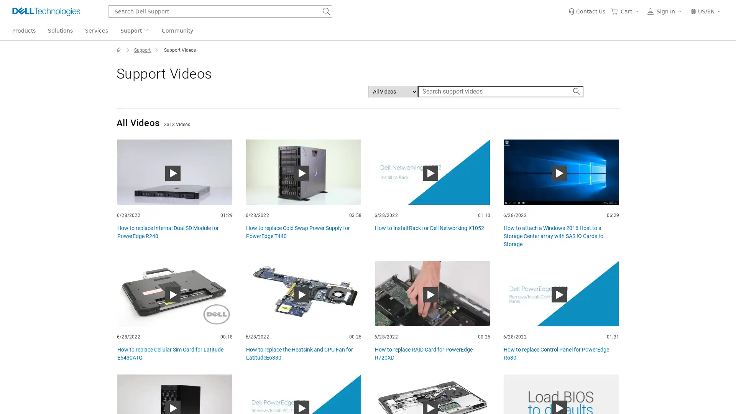 The image size is (736, 414). Describe the element at coordinates (174, 353) in the screenshot. I see `How to replace Cellular Sim Card for Latitude E6430ATG` at that location.